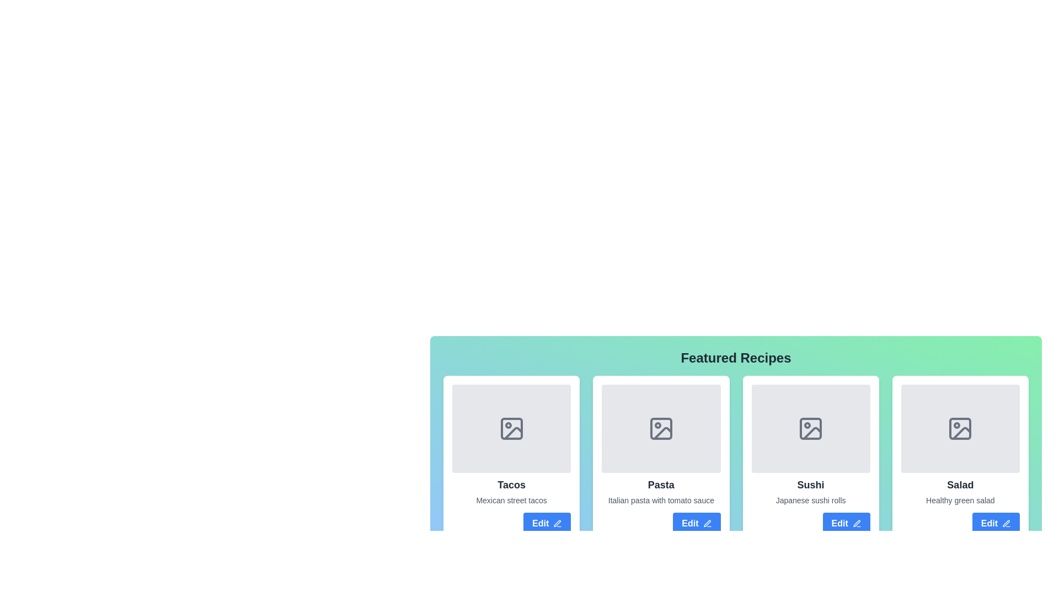  What do you see at coordinates (811, 428) in the screenshot?
I see `the Image placeholder element with rounded corners and a gray icon, positioned at the top of the 'Sushi' card` at bounding box center [811, 428].